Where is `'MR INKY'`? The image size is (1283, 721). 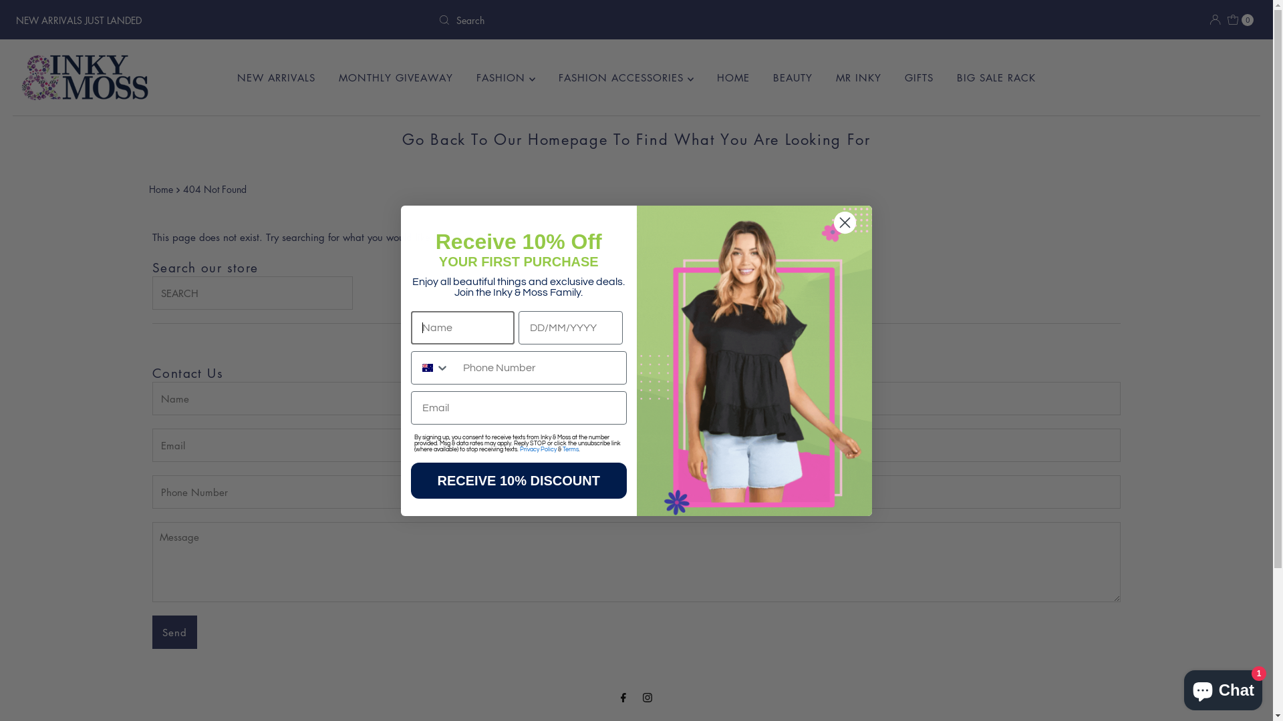 'MR INKY' is located at coordinates (859, 77).